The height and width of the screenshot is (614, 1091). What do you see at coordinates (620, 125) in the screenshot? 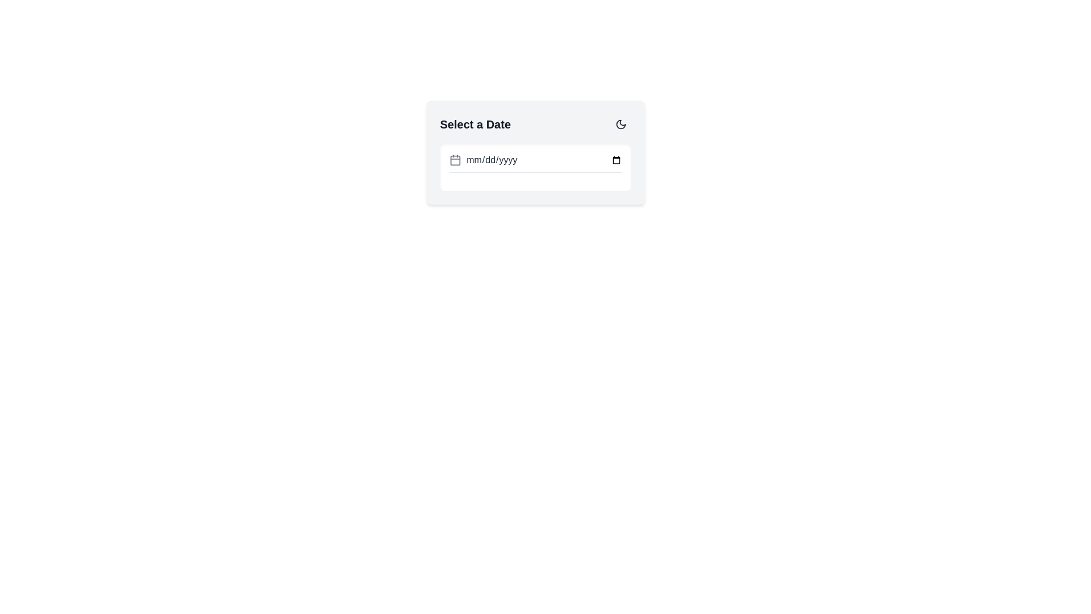
I see `the moon-shaped icon button located at the top-right corner of the main card layout` at bounding box center [620, 125].